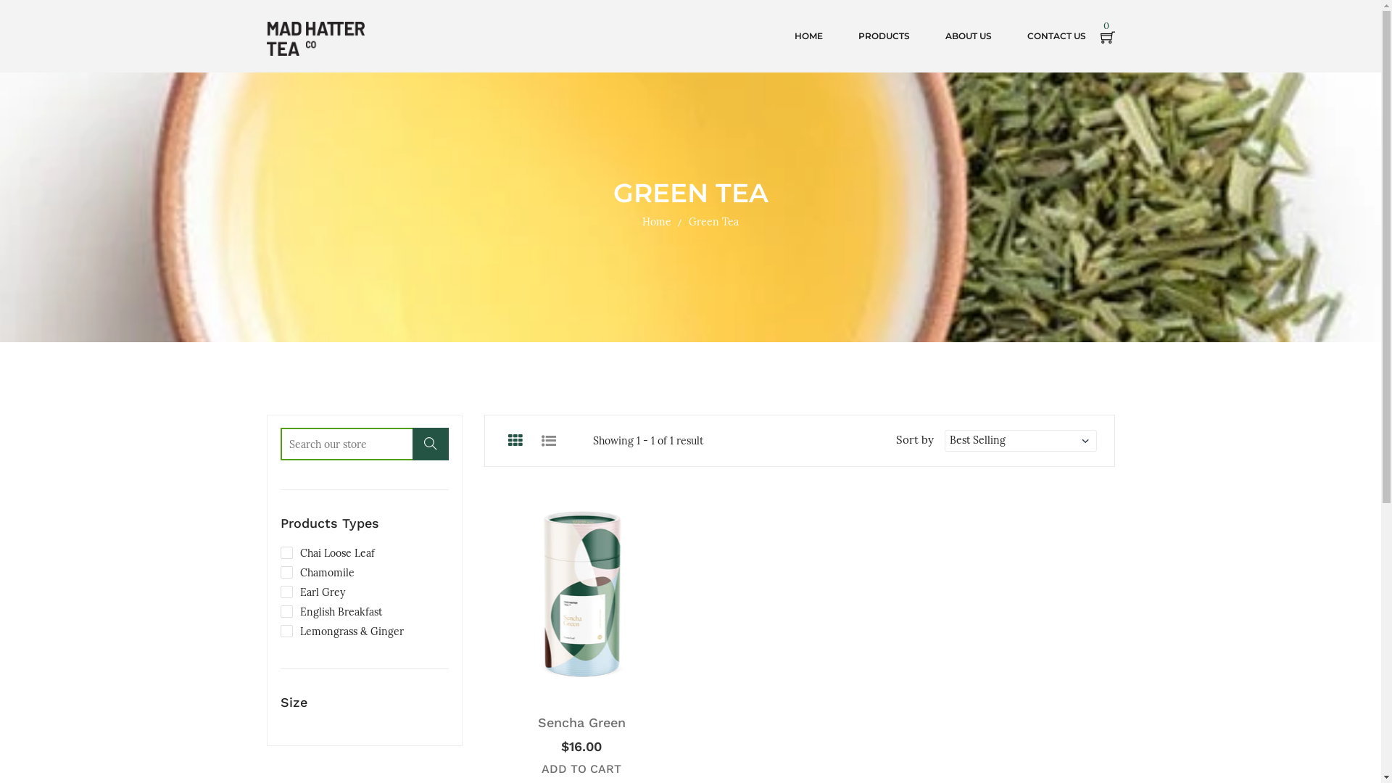  I want to click on 'HOME', so click(808, 36).